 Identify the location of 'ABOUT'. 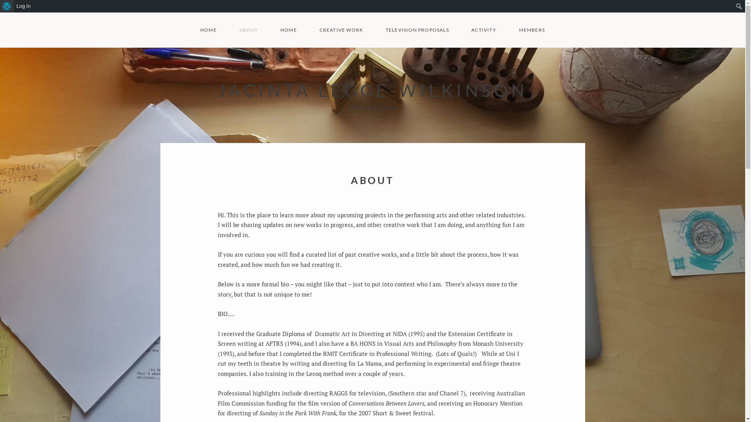
(239, 30).